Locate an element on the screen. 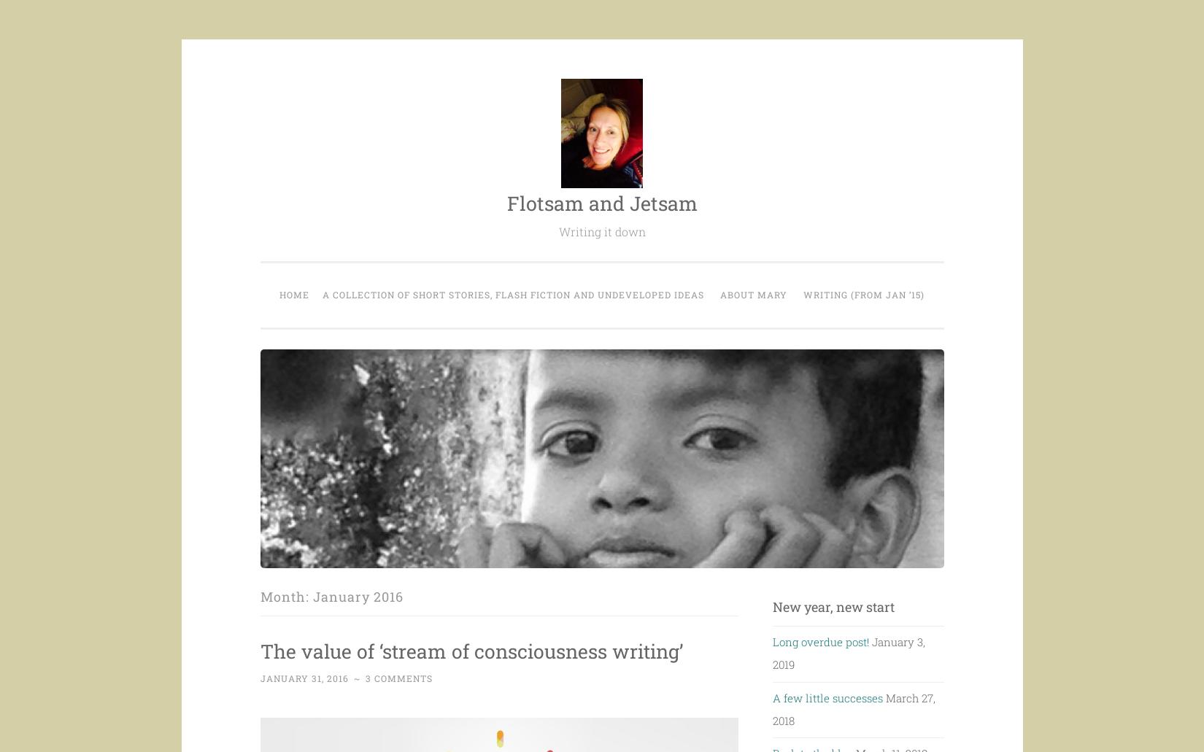 Image resolution: width=1204 pixels, height=752 pixels. 'March 27, 2018' is located at coordinates (772, 708).